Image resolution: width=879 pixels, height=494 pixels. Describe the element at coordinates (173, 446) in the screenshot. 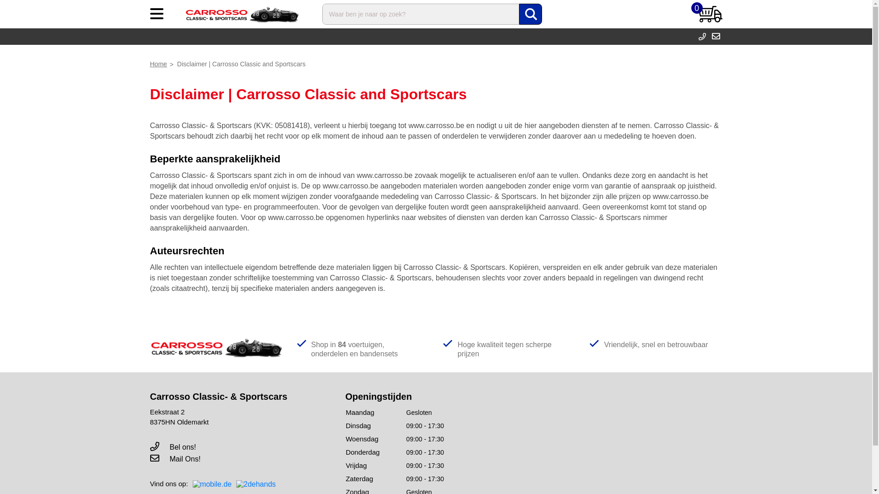

I see `'    Bel ons!'` at that location.